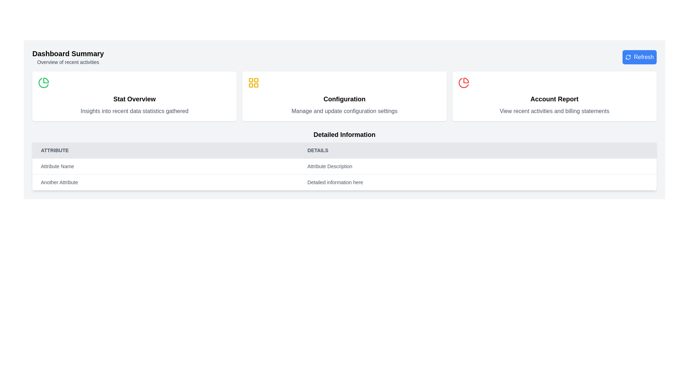 This screenshot has width=683, height=384. What do you see at coordinates (43, 82) in the screenshot?
I see `the green circular pie chart icon located at the top-left corner of the 'Stat Overview' card to indicate selection` at bounding box center [43, 82].